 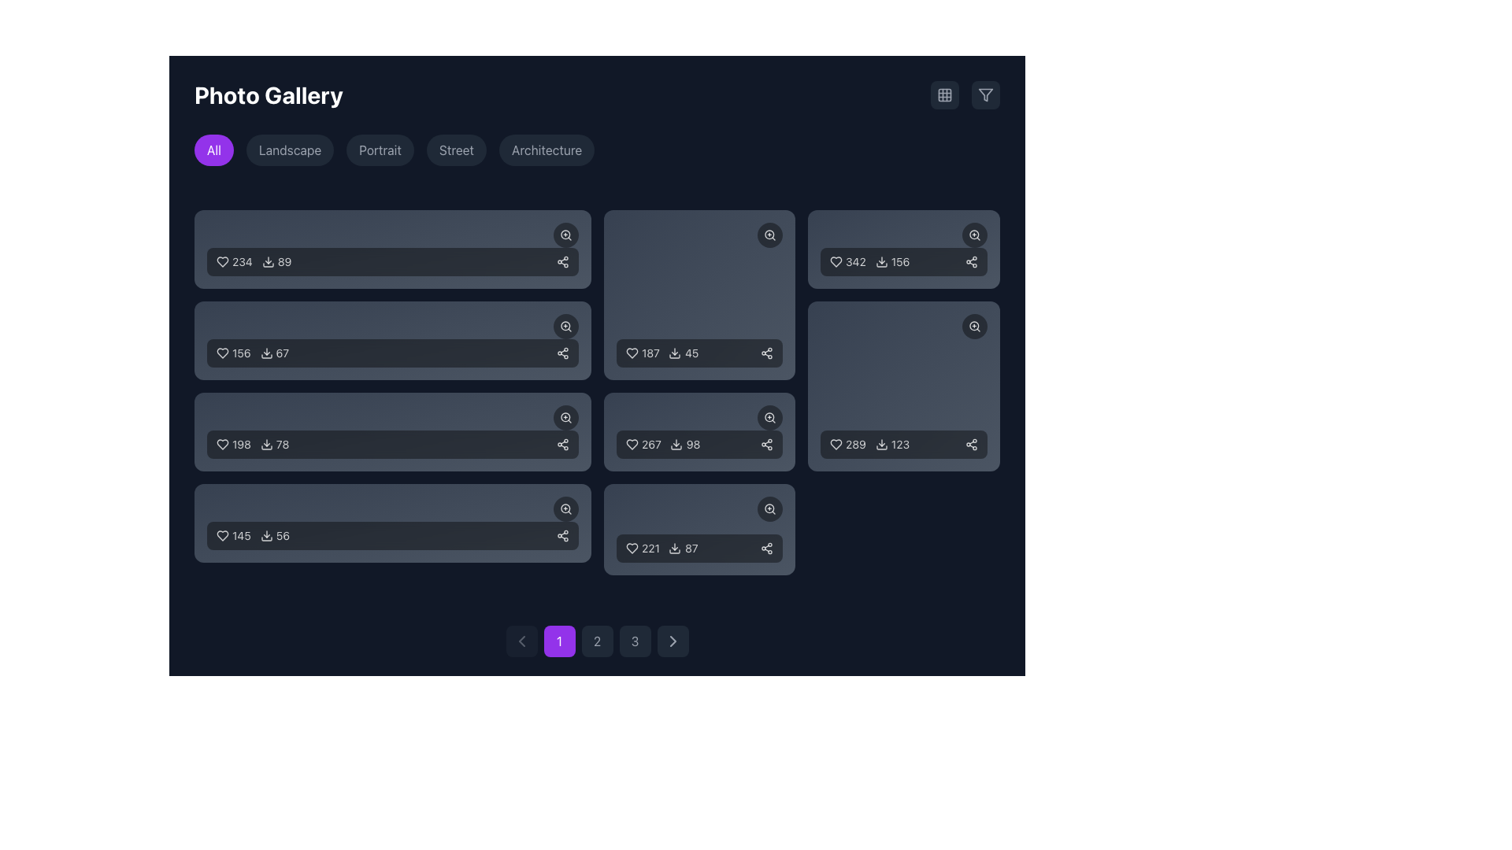 What do you see at coordinates (290, 150) in the screenshot?
I see `the 'Landscape' button, which is the second button in the category selection bar under 'Photo Gallery'` at bounding box center [290, 150].